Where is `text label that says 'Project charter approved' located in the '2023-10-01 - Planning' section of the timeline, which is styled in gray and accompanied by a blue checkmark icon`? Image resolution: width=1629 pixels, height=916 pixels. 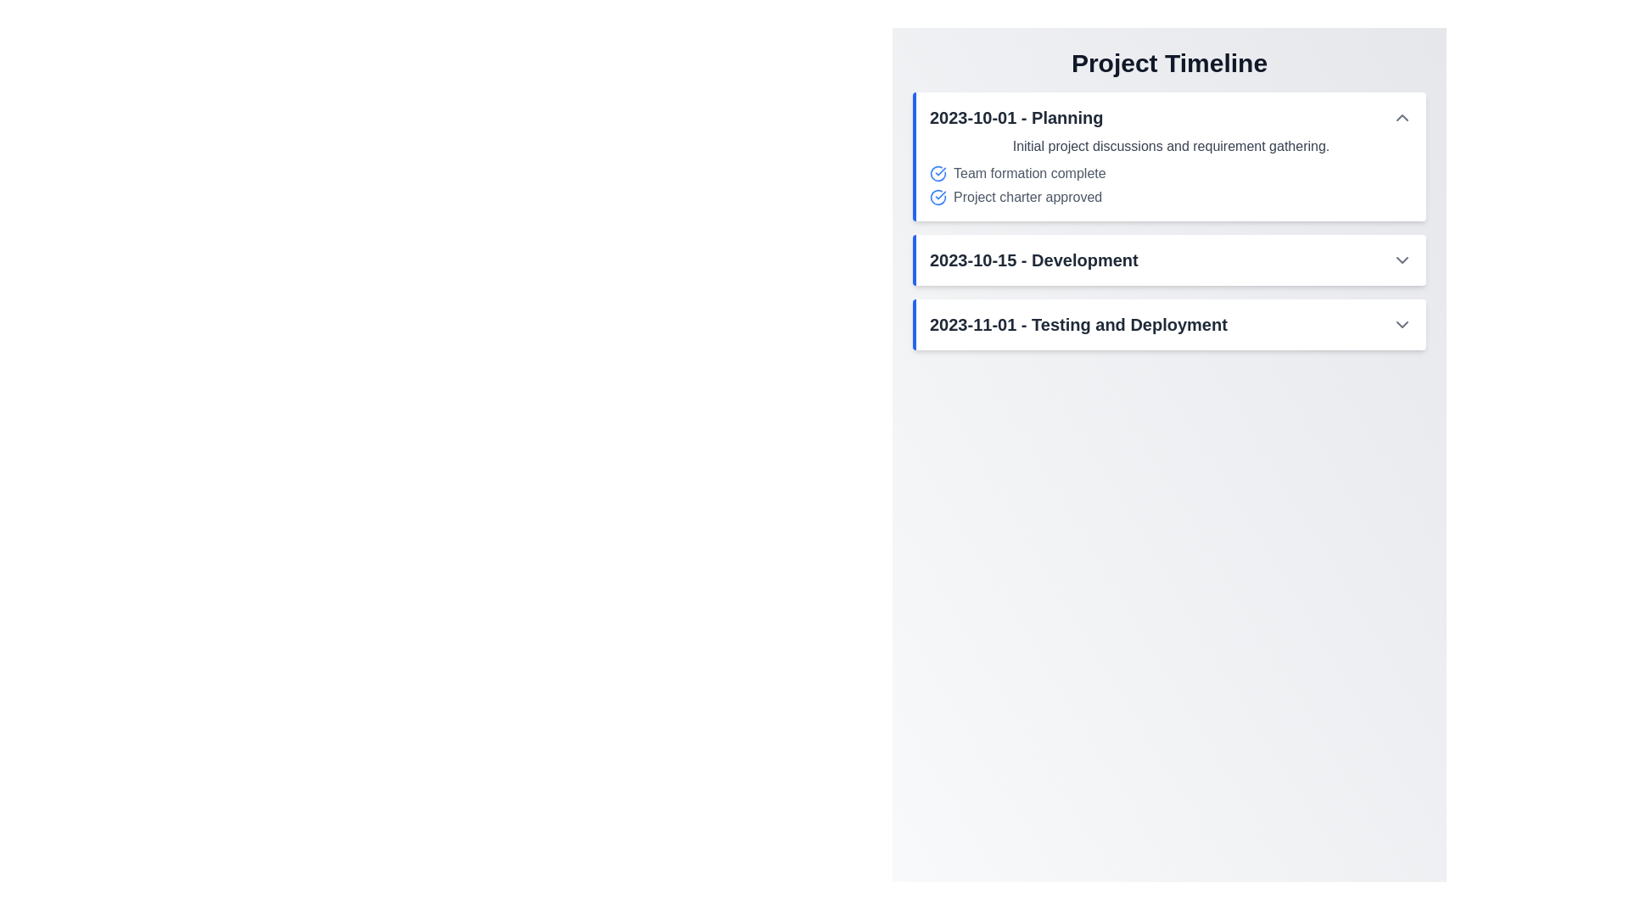 text label that says 'Project charter approved' located in the '2023-10-01 - Planning' section of the timeline, which is styled in gray and accompanied by a blue checkmark icon is located at coordinates (1027, 196).